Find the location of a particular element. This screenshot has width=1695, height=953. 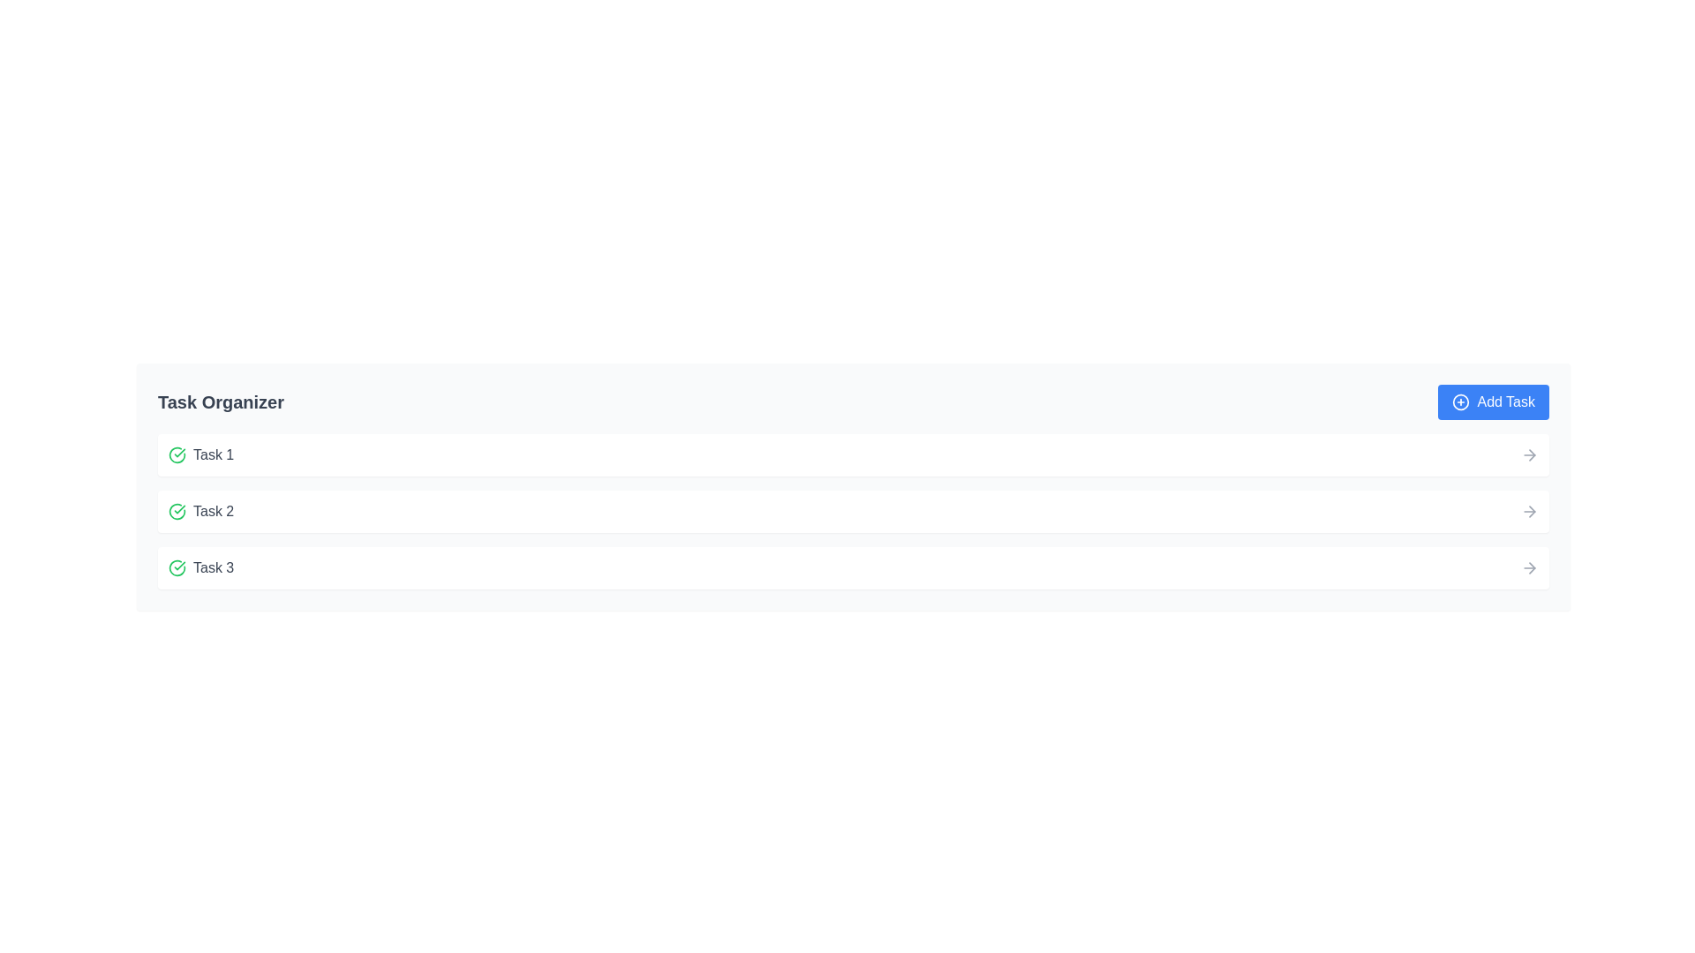

the task labeled 'Task 2' which is marked as complete with a checkmark icon, positioned between 'Task 1' and 'Task 3' is located at coordinates (201, 511).